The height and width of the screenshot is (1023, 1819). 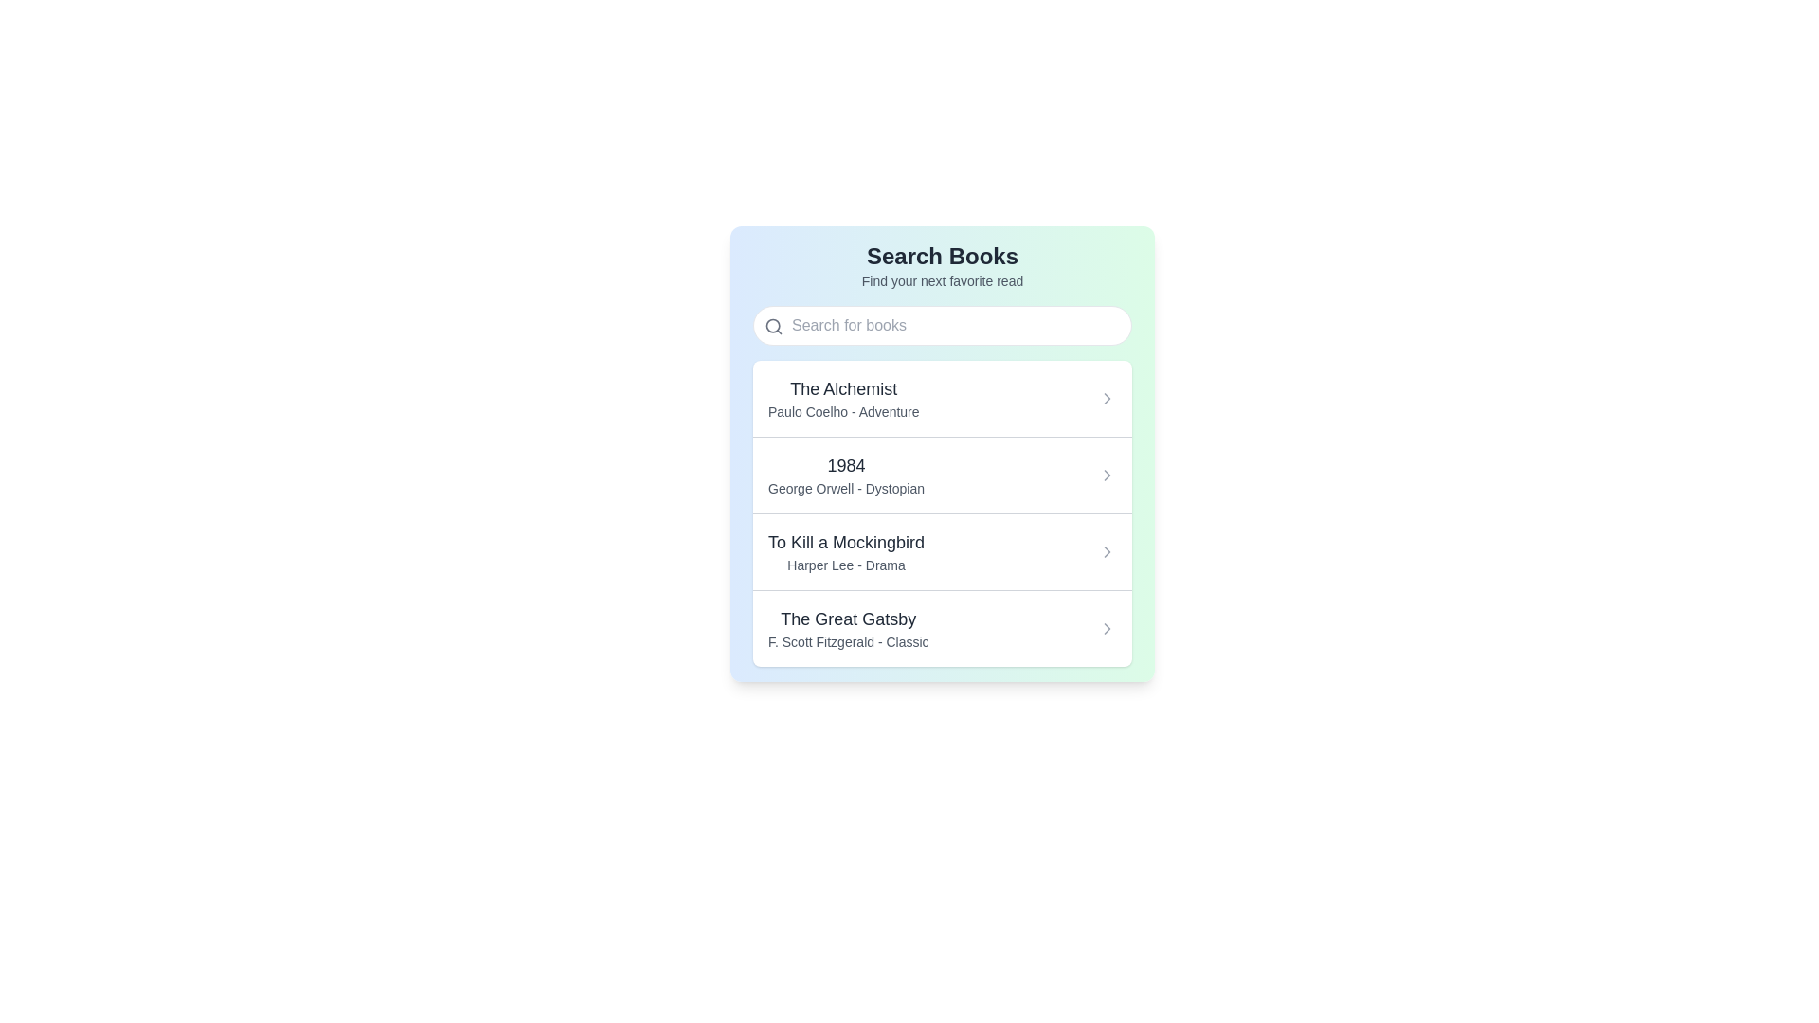 I want to click on the text label 'George Orwell - Dystopian' that is styled with a smaller gray font and positioned below the bold text '1984', so click(x=845, y=488).